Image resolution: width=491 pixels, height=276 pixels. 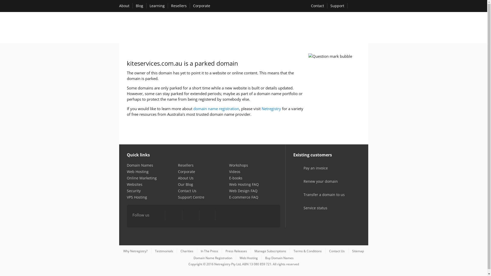 What do you see at coordinates (271, 108) in the screenshot?
I see `'Netregistry'` at bounding box center [271, 108].